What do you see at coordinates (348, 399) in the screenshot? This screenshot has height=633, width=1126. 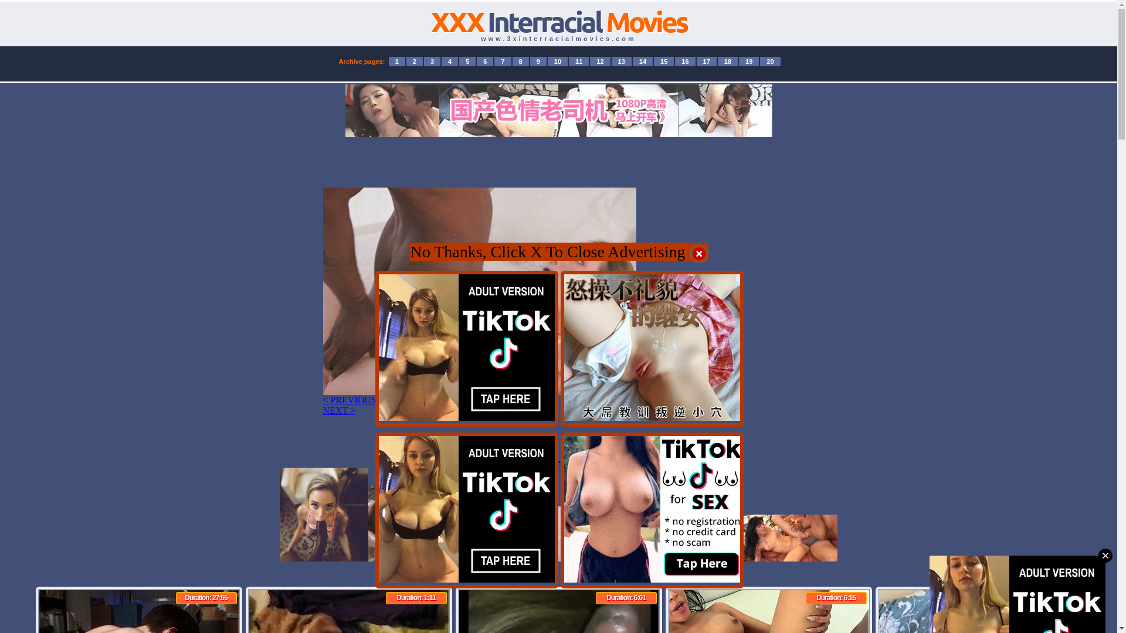 I see `'< PREVIOUS'` at bounding box center [348, 399].